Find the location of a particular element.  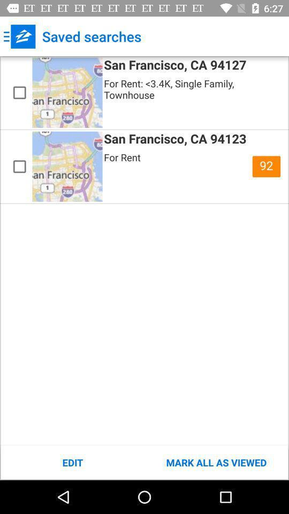

this saved property is located at coordinates (19, 92).